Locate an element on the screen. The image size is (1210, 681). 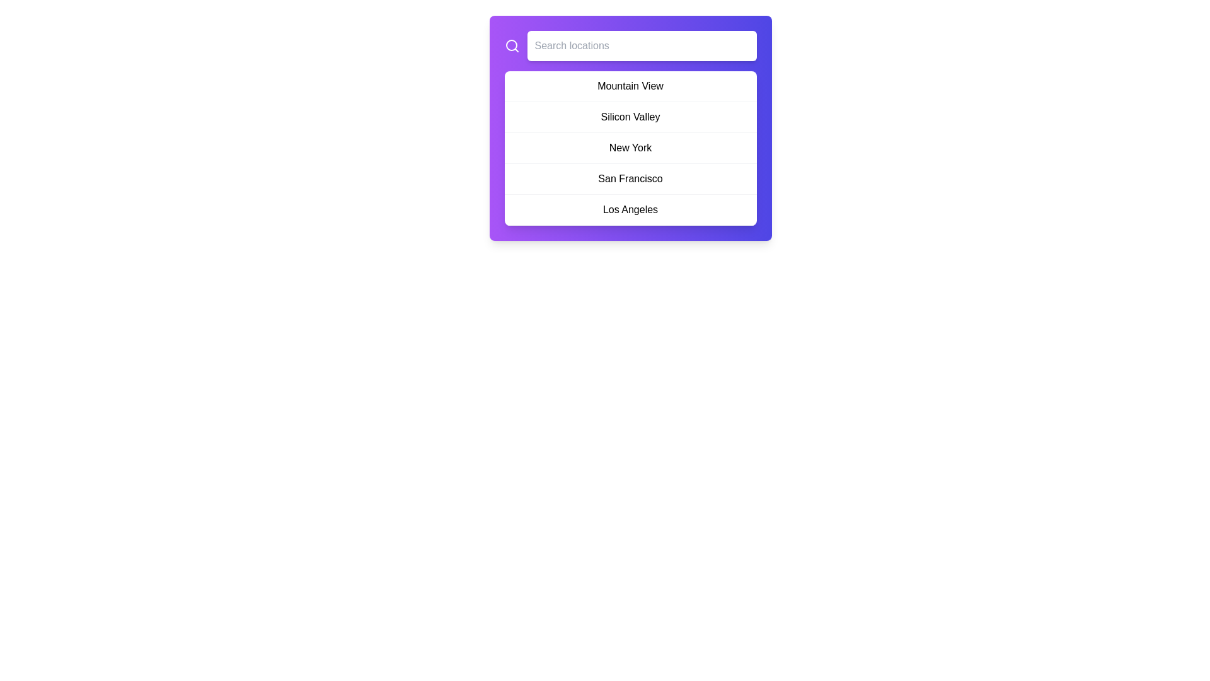
the fifth item in the location selection menu, which represents 'Los Angeles' is located at coordinates (630, 209).